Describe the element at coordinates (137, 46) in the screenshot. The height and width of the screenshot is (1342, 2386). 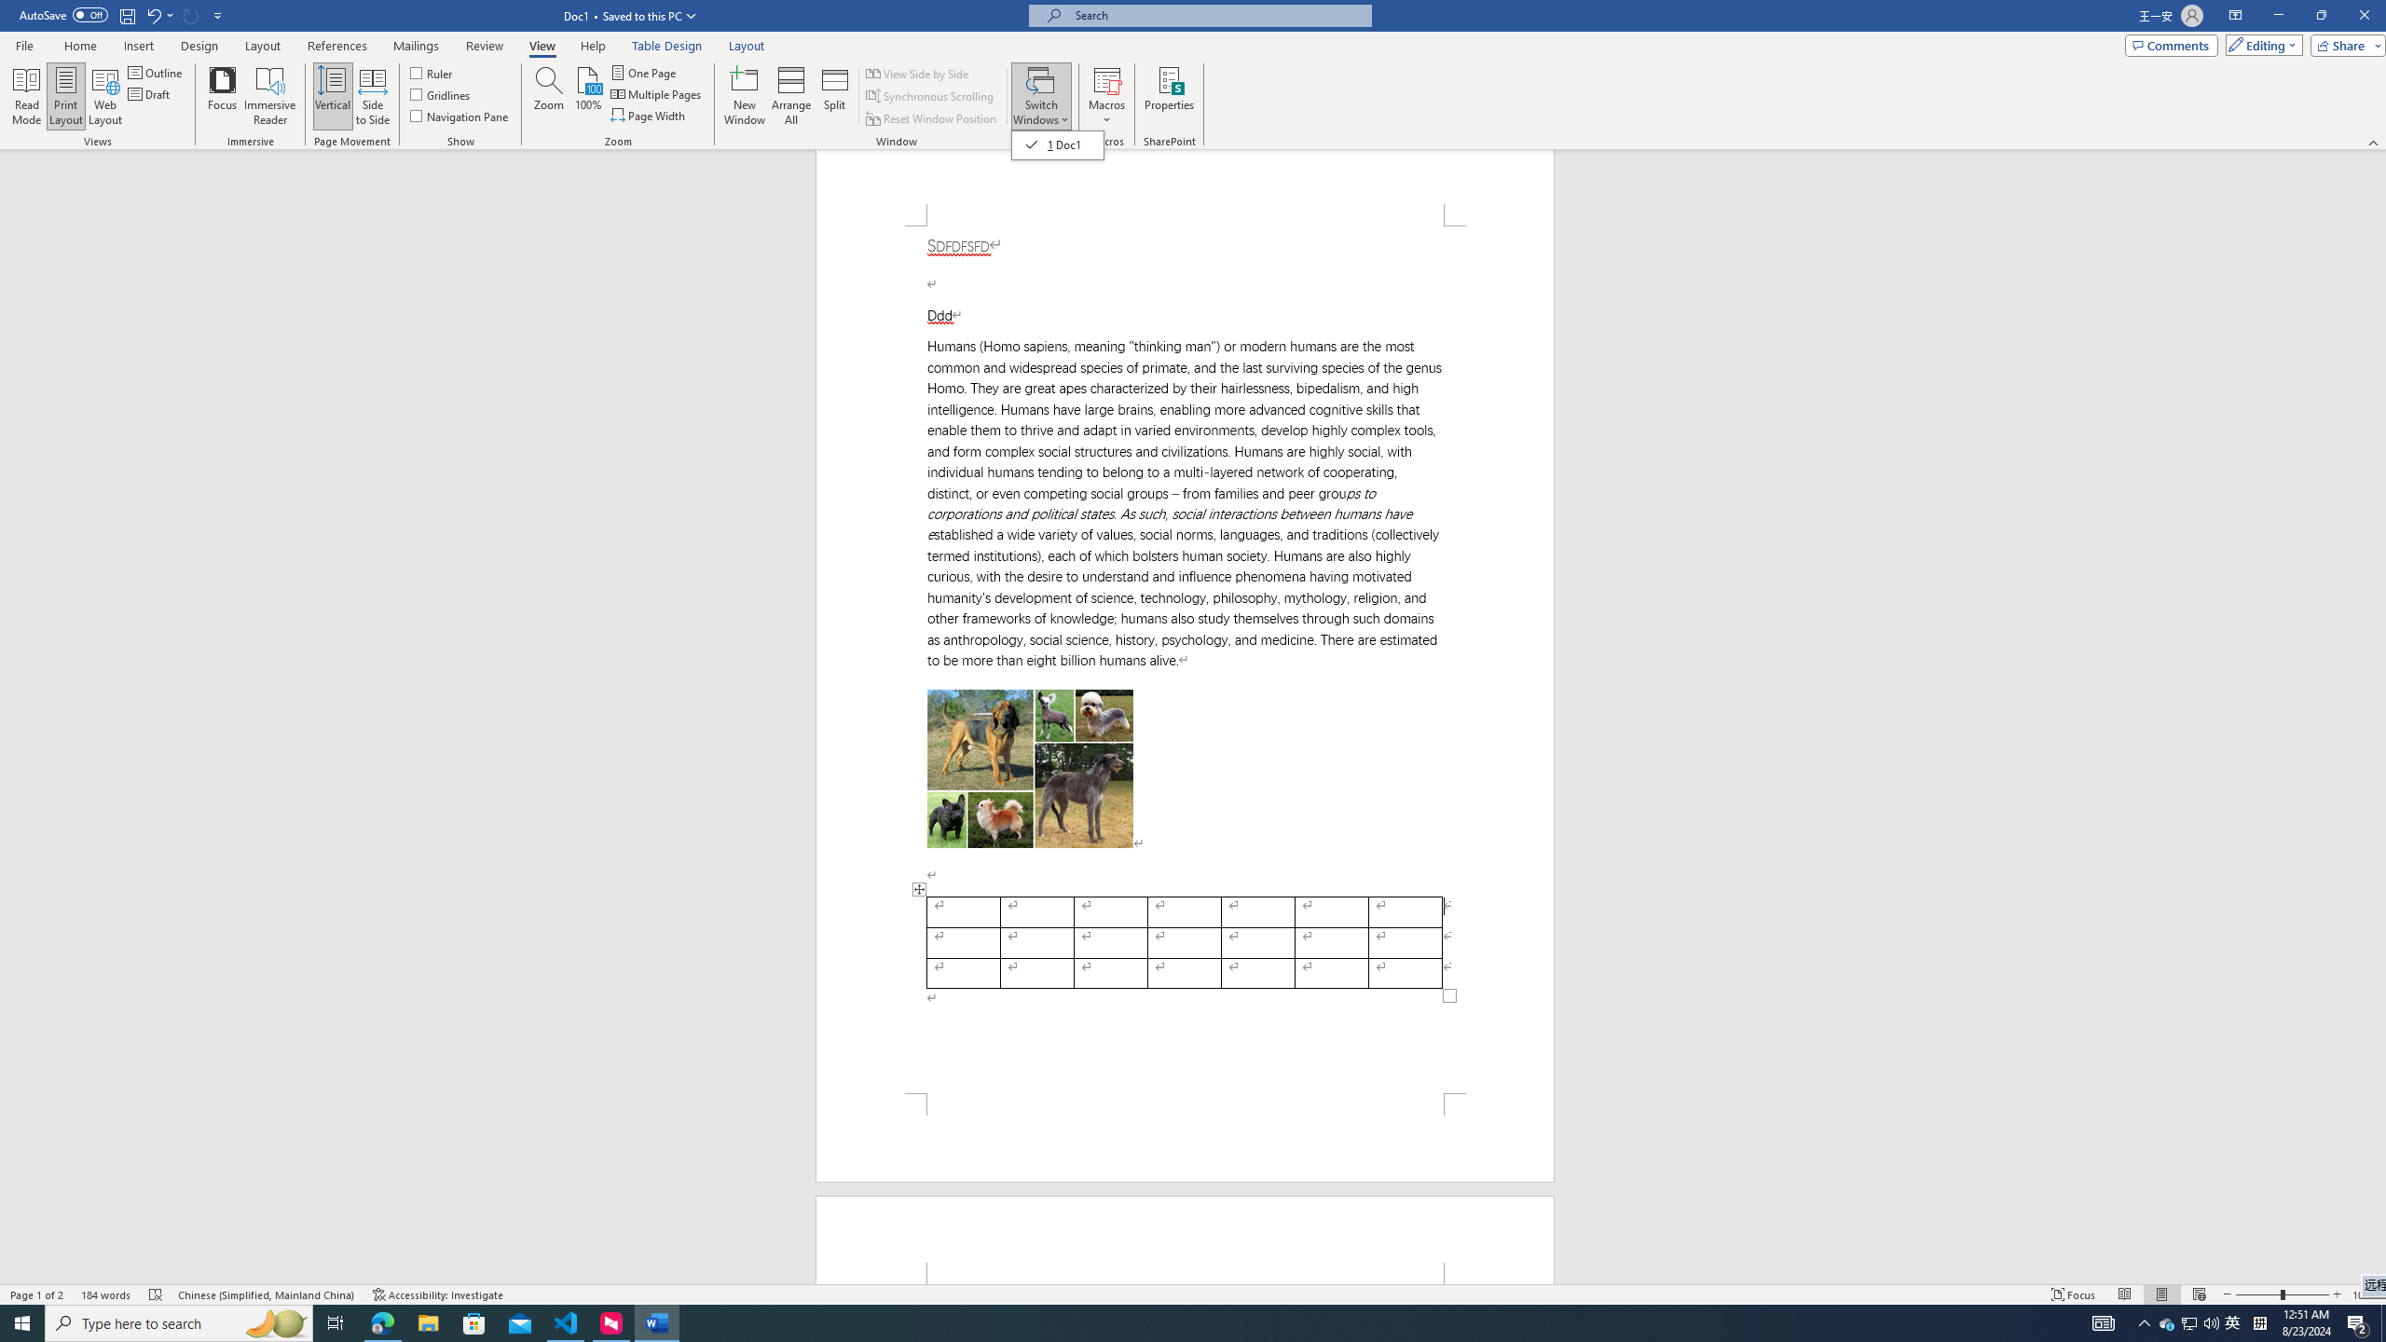
I see `'Insert'` at that location.